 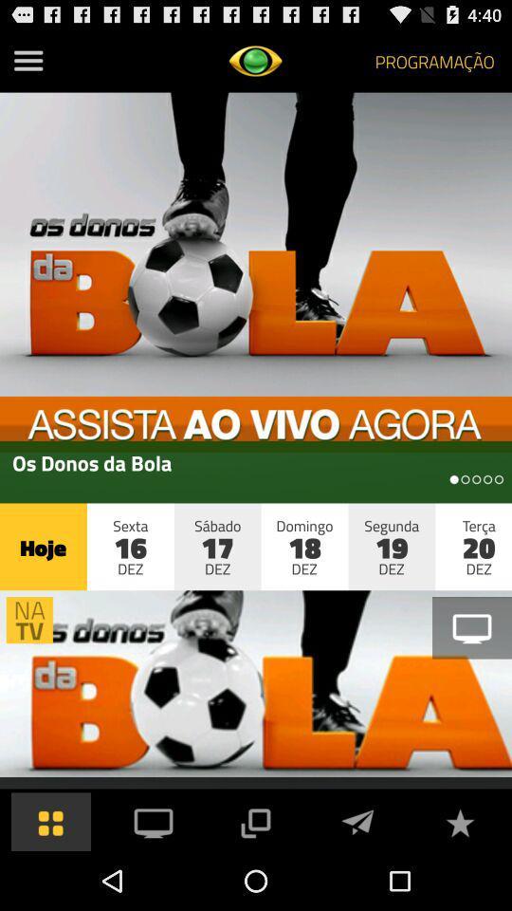 What do you see at coordinates (27, 65) in the screenshot?
I see `the menu icon` at bounding box center [27, 65].